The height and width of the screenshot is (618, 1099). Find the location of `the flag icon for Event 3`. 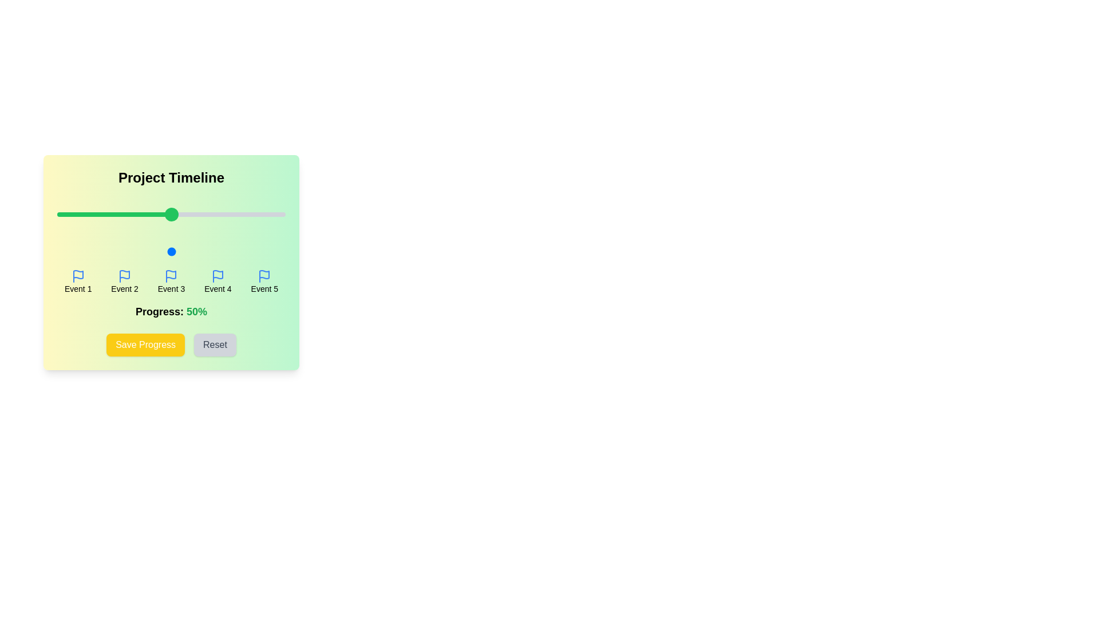

the flag icon for Event 3 is located at coordinates (171, 276).